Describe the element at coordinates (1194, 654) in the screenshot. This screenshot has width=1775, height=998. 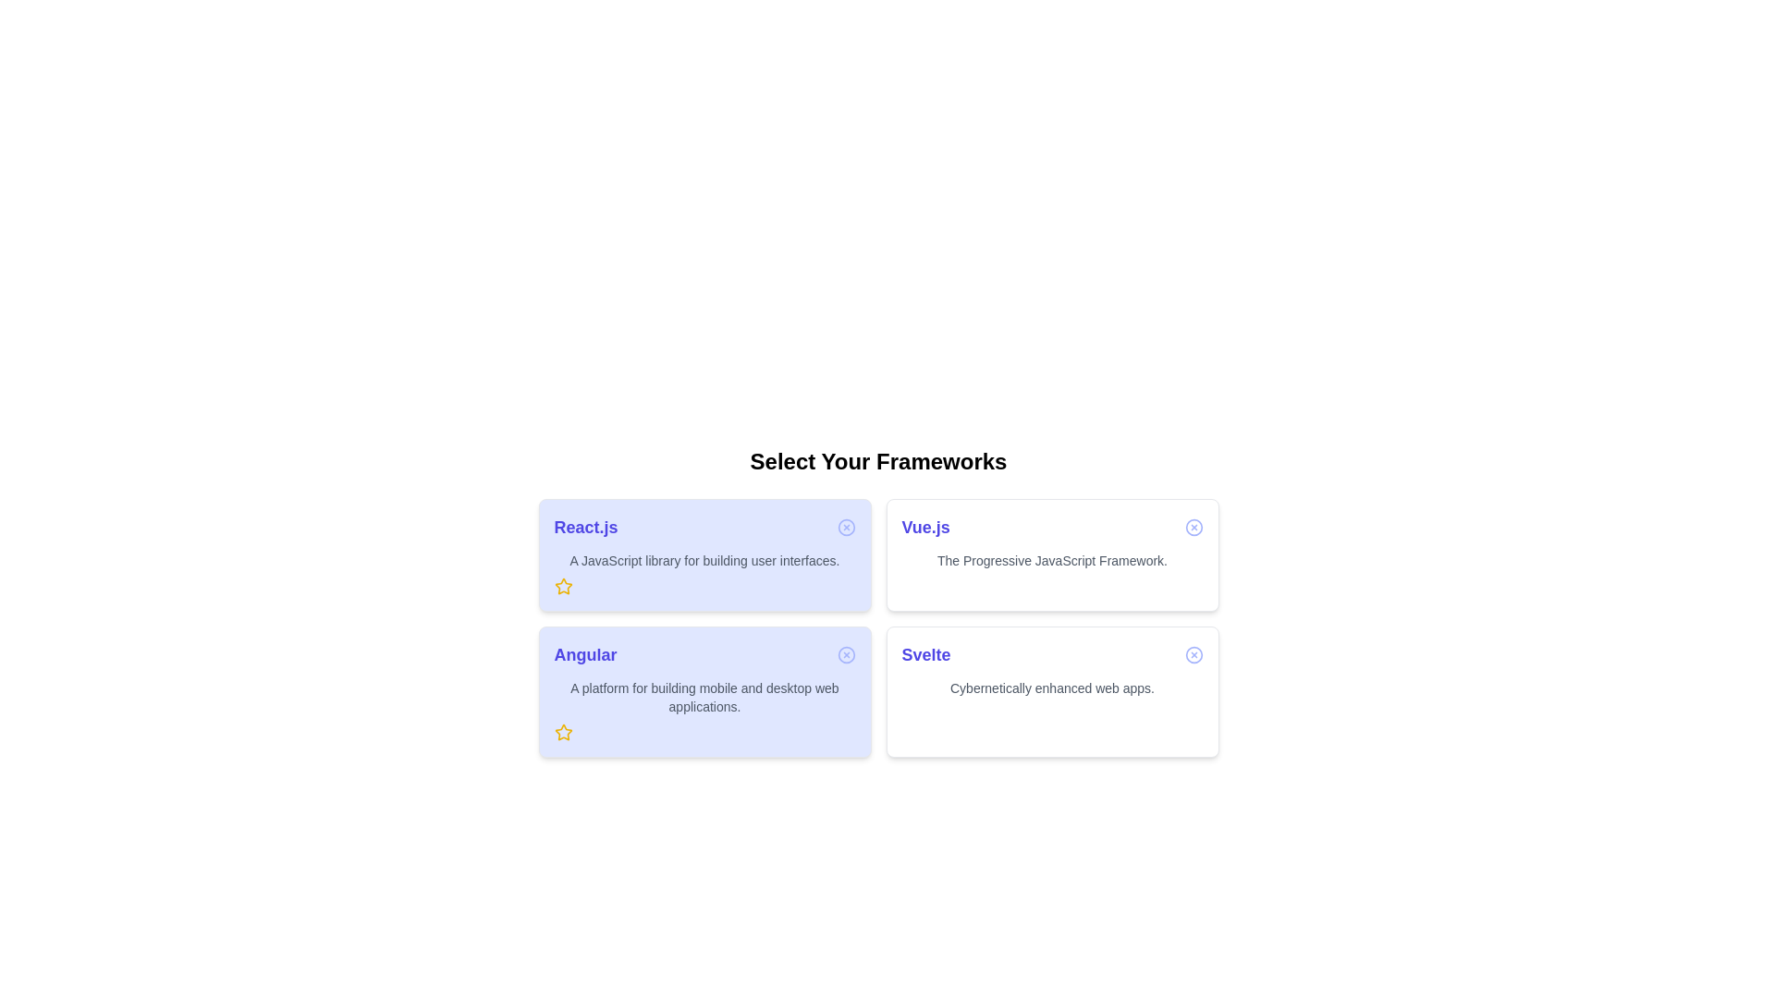
I see `close button on the chip labeled Svelte to remove it` at that location.